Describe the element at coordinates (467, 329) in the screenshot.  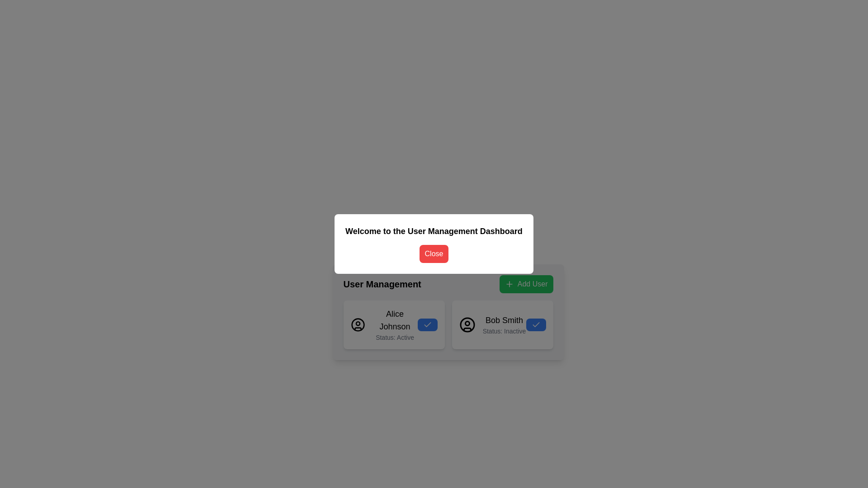
I see `the lower curved line of the user icon representing 'Bob Smith' in the 'User Management' section` at that location.